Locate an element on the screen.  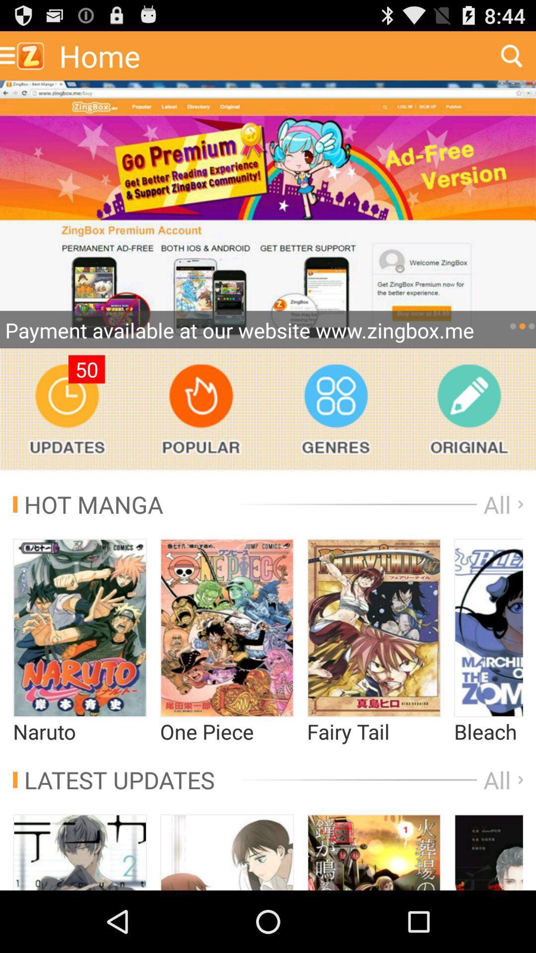
book is located at coordinates (488, 852).